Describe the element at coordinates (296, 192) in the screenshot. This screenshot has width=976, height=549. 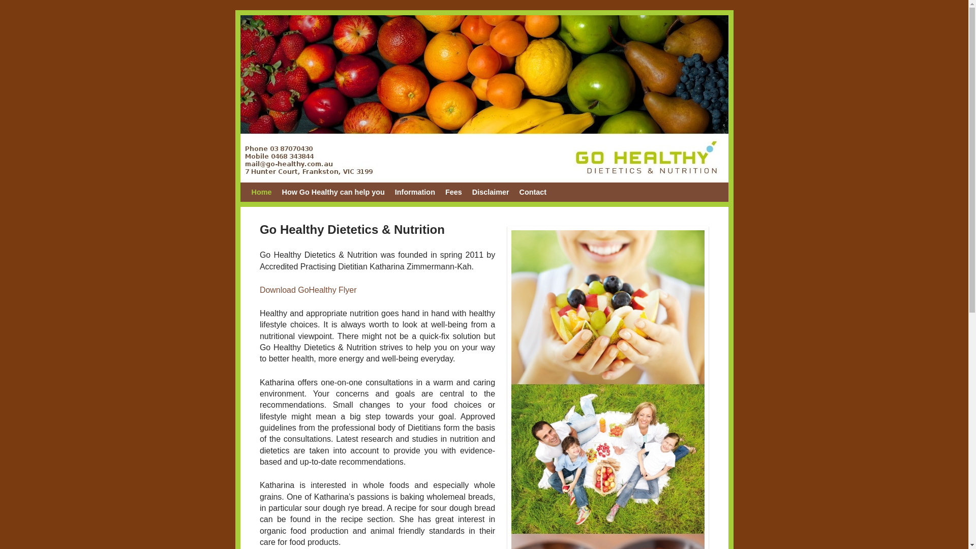
I see `'Skip to primary content'` at that location.